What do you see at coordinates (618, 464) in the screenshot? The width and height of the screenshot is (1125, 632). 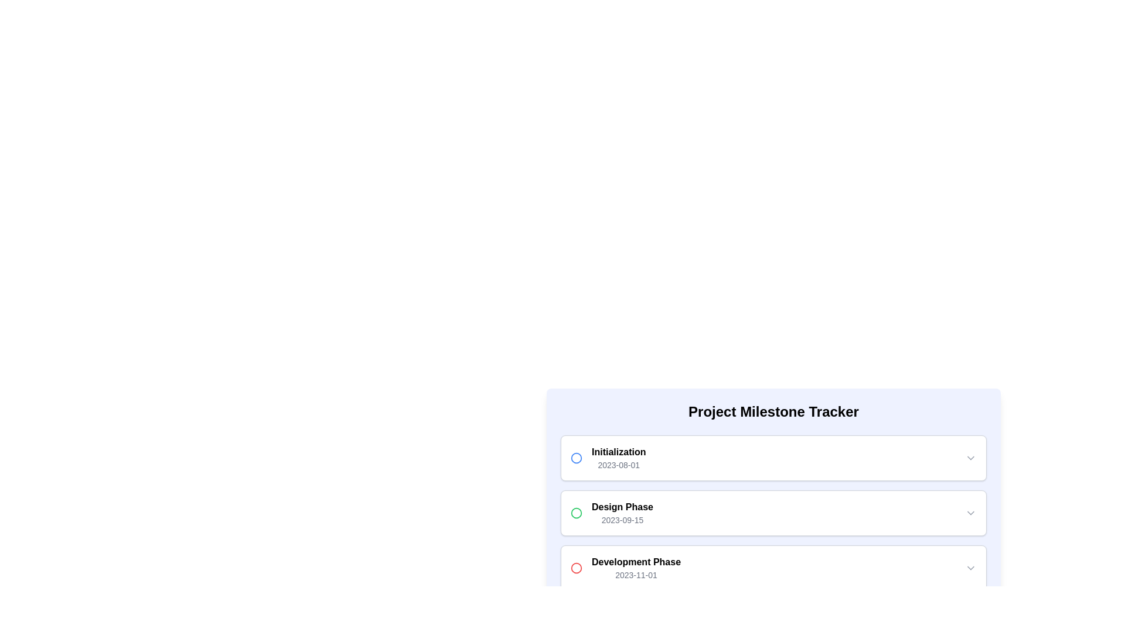 I see `the text label displaying the date '2023-08-01', which is styled in a smaller gray font and located beneath the 'Initialization' label in the top-left area of the Project Milestone Tracker interface` at bounding box center [618, 464].